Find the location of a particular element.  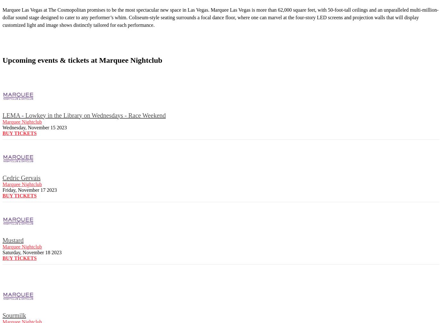

'LEMA - Lowkey in the Library on Wednesdays - Race Weekend' is located at coordinates (84, 115).